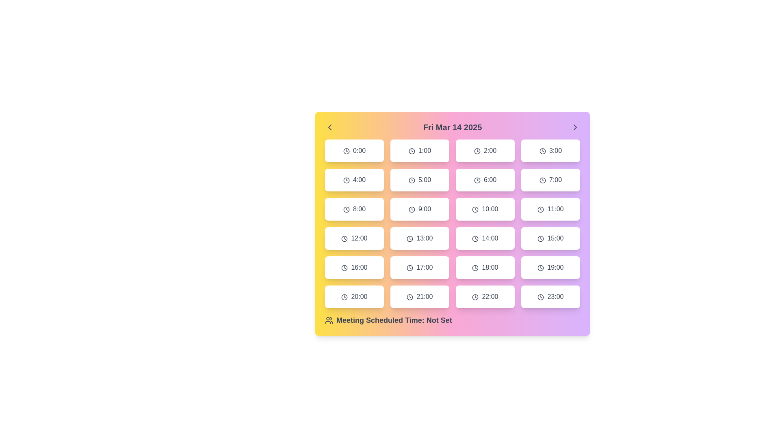  What do you see at coordinates (485, 209) in the screenshot?
I see `the button representing the time '10:00' in the schedule` at bounding box center [485, 209].